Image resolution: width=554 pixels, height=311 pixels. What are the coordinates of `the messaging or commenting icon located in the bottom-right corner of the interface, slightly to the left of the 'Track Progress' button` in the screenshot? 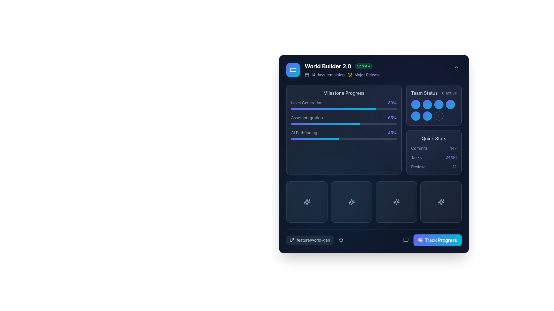 It's located at (405, 240).